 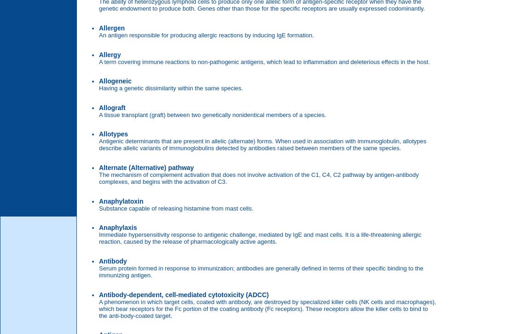 I want to click on 'Immediate hypersensitivity response to antigenic challenge, mediated by IgE and mast cells. It is a life-threatening allergic reaction, caused by the release of pharmacologically active agents.', so click(x=260, y=238).